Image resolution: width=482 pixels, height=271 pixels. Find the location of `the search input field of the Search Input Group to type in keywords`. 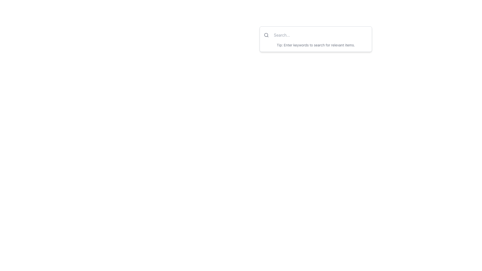

the search input field of the Search Input Group to type in keywords is located at coordinates (315, 39).